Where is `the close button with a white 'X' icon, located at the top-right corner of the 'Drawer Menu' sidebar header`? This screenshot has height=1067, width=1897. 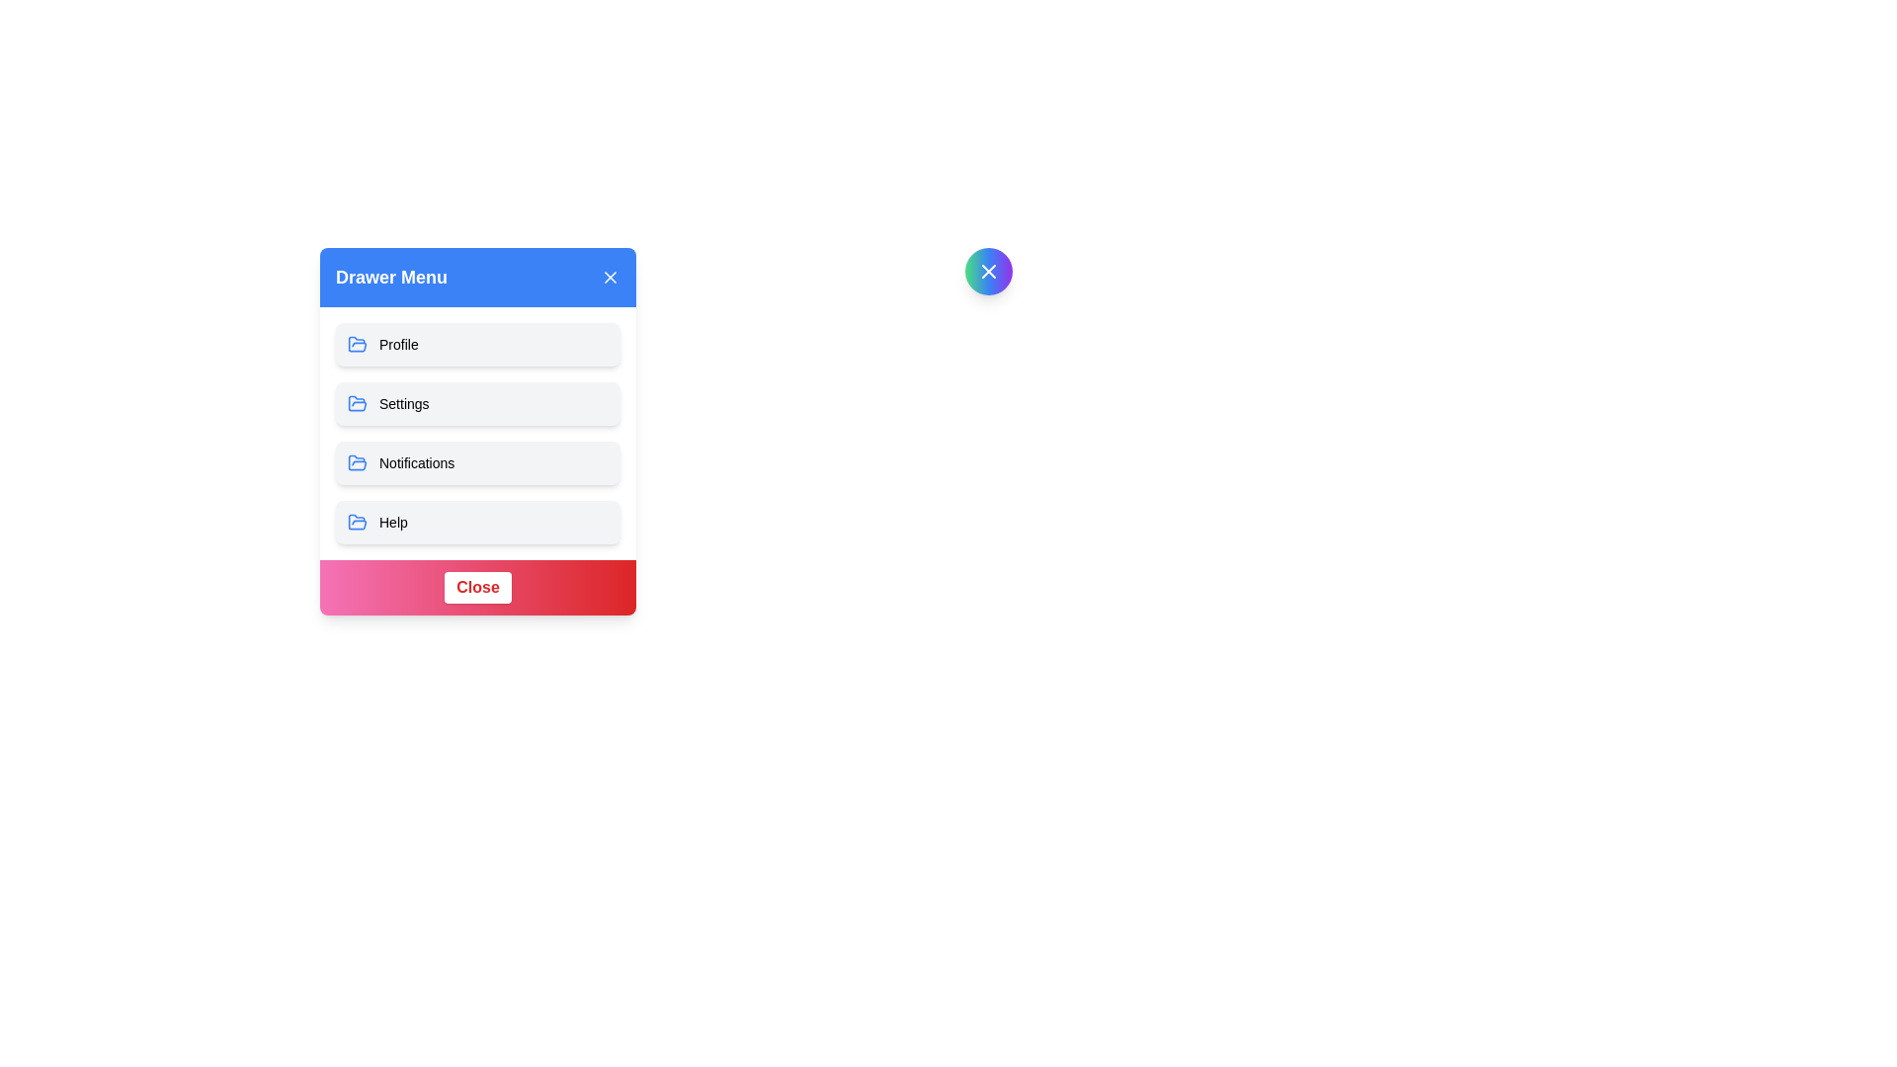 the close button with a white 'X' icon, located at the top-right corner of the 'Drawer Menu' sidebar header is located at coordinates (610, 278).